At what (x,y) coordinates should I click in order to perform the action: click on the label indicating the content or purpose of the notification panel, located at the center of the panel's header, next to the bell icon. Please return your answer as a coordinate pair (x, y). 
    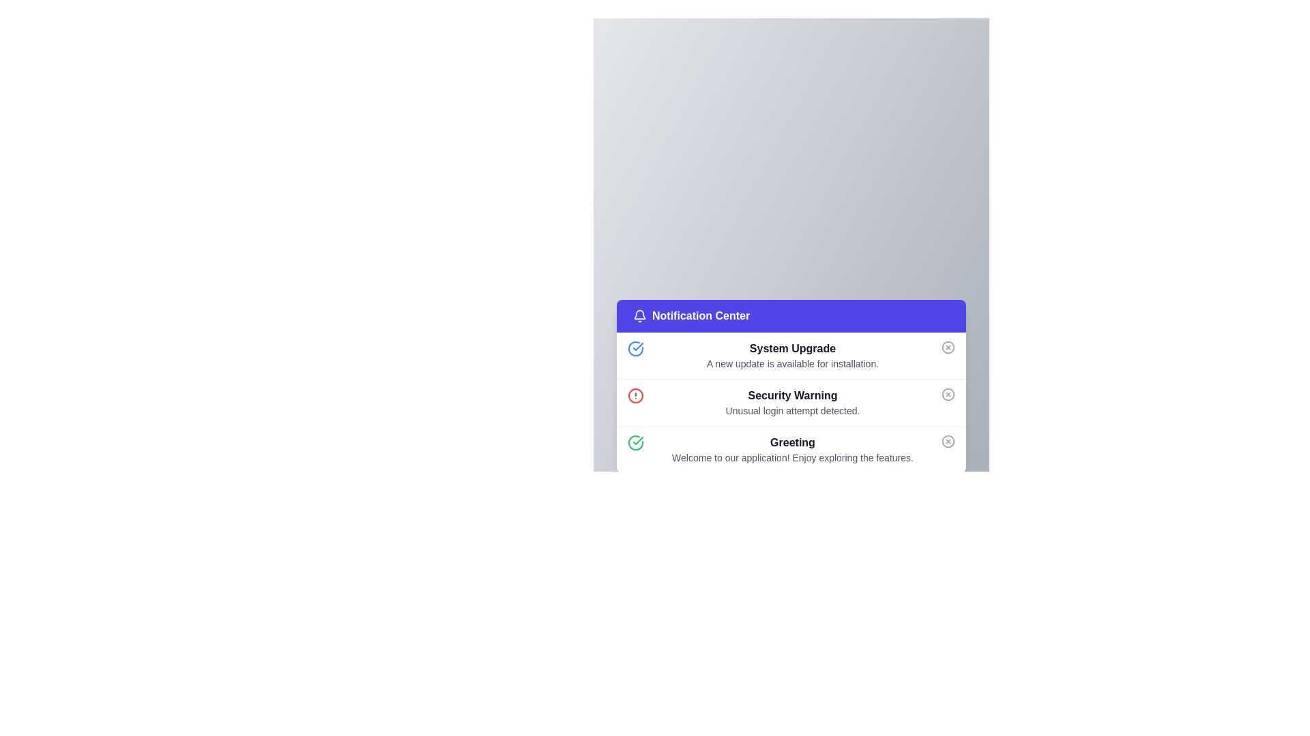
    Looking at the image, I should click on (701, 316).